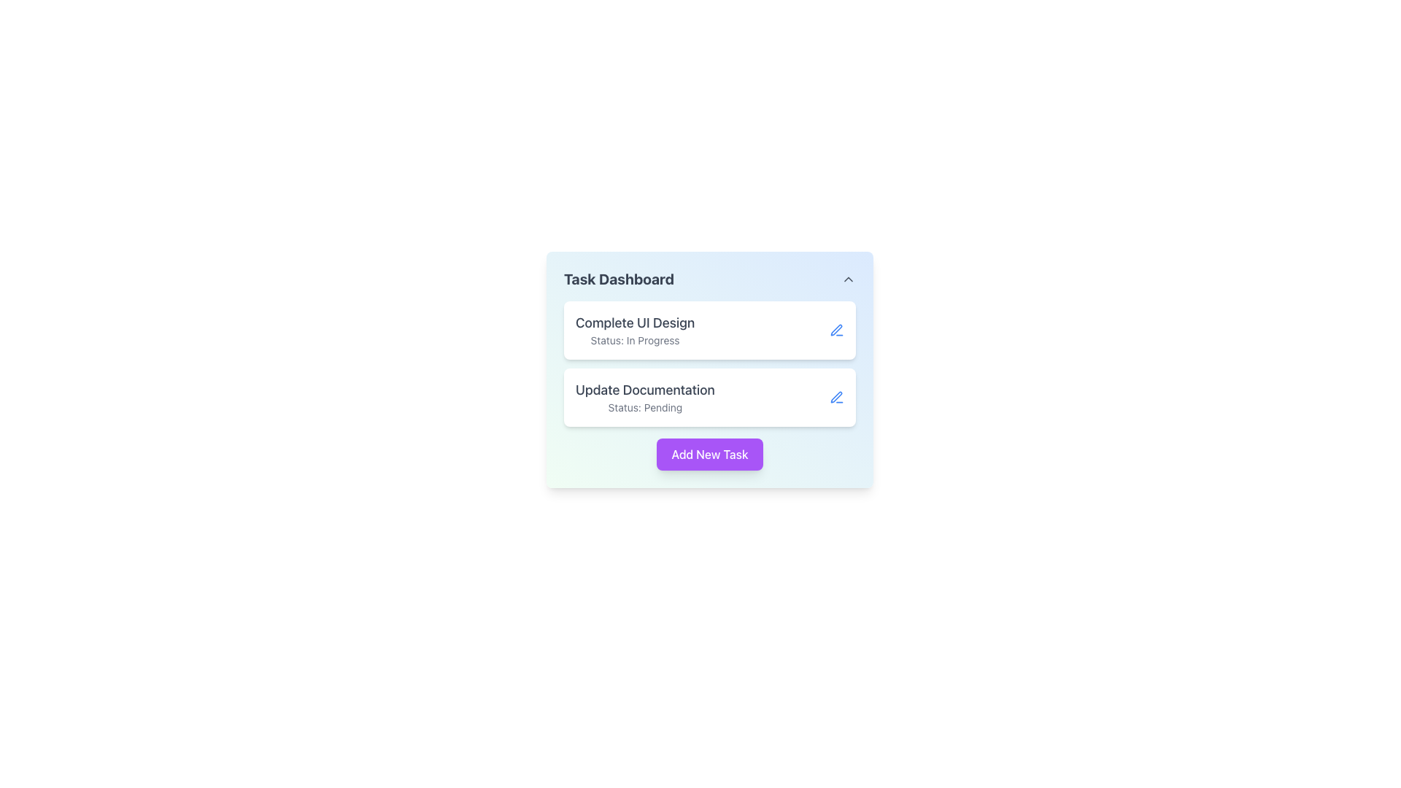 The width and height of the screenshot is (1401, 788). Describe the element at coordinates (836, 330) in the screenshot. I see `the pen icon button adjacent to the 'Update Documentation' task option` at that location.